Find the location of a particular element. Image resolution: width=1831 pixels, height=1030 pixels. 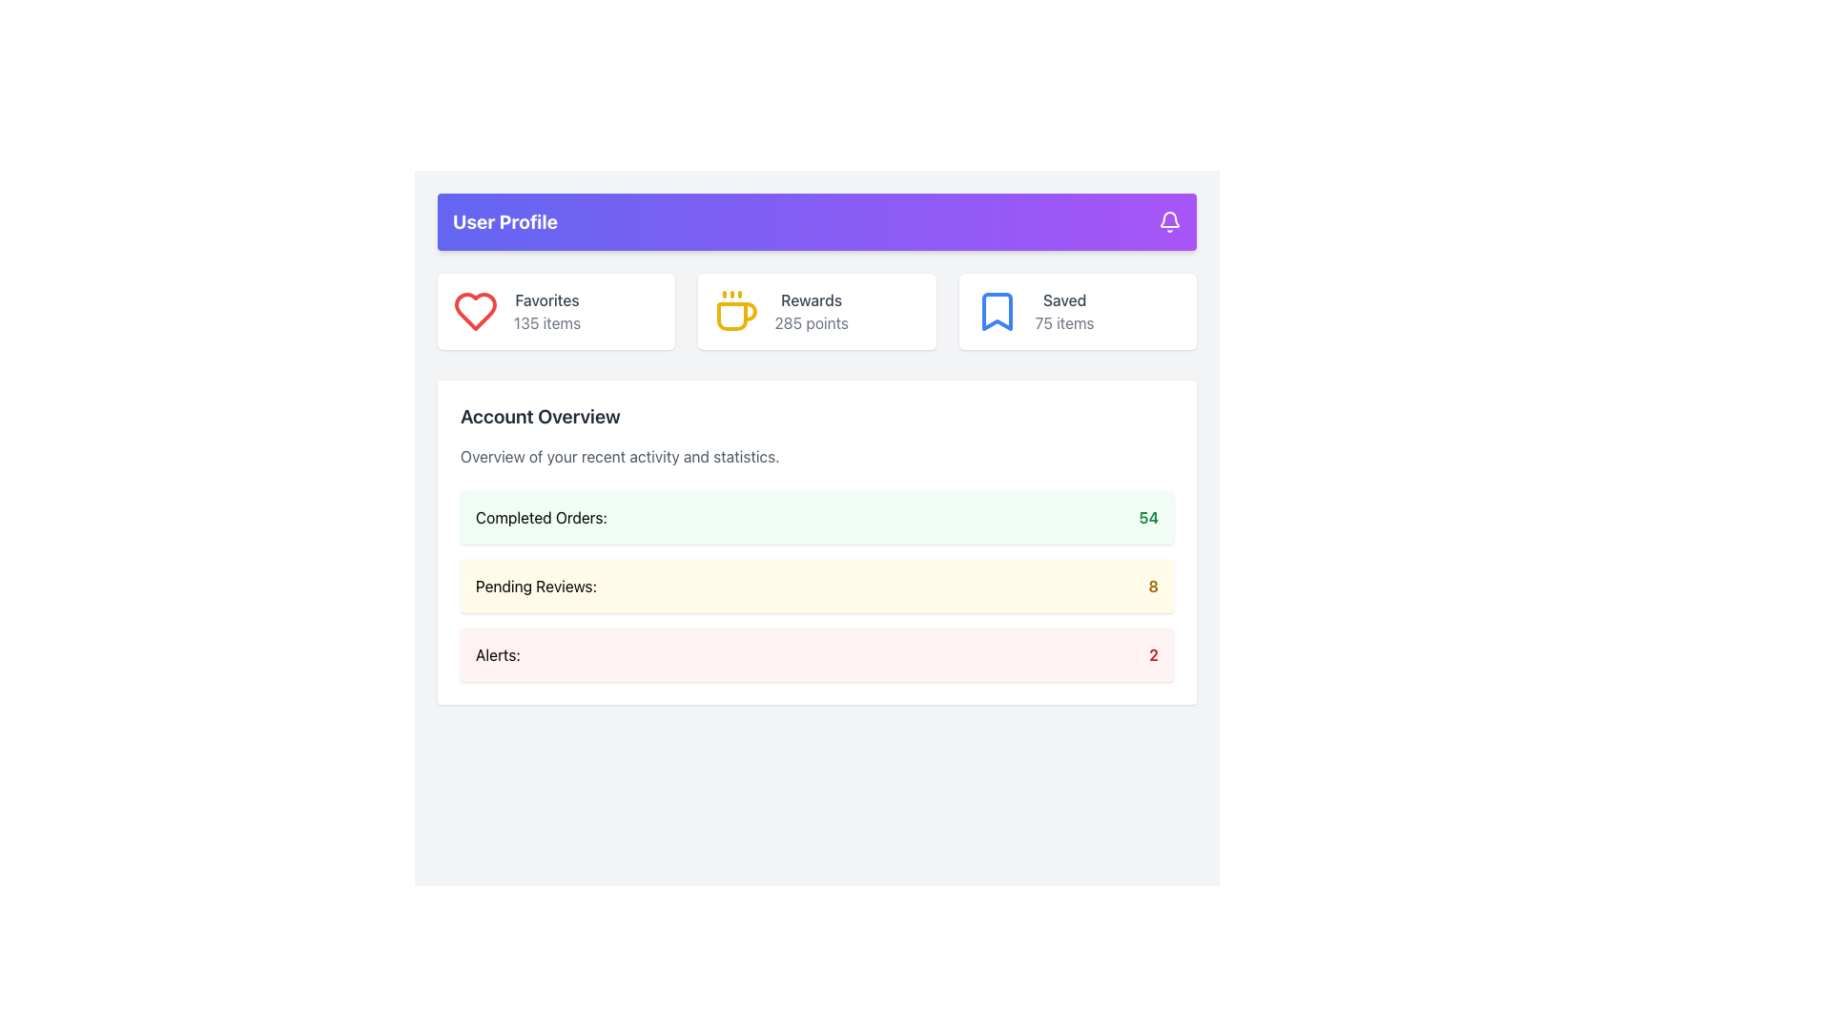

the bell-shaped notification icon located at the far right of the top bar labeled 'User Profile' is located at coordinates (1169, 220).